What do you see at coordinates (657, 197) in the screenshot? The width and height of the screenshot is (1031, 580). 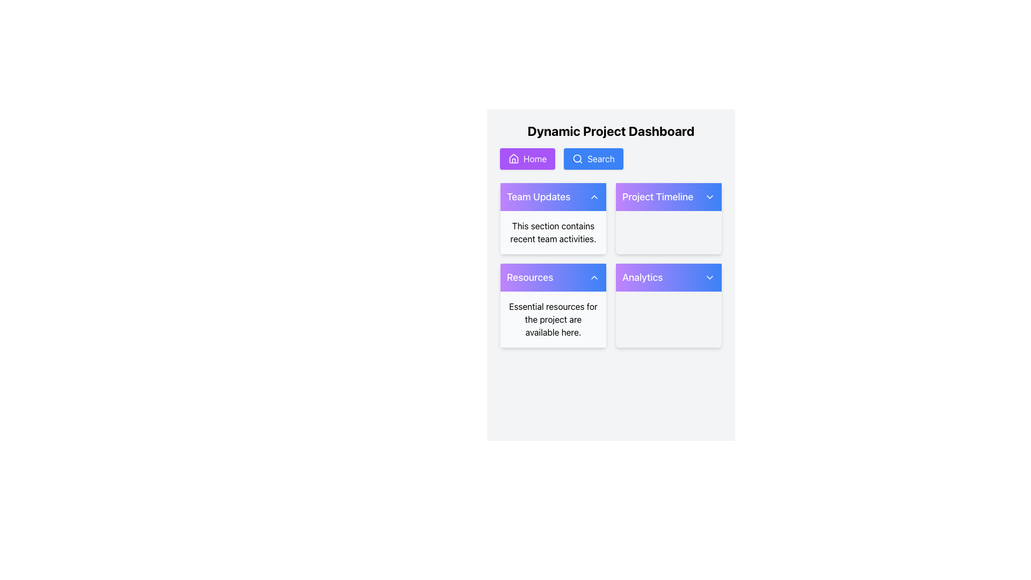 I see `the 'Project Timeline' text component, which displays the title in white font on a gradient background from purple to blue, located at the top of the Project Timeline card` at bounding box center [657, 197].